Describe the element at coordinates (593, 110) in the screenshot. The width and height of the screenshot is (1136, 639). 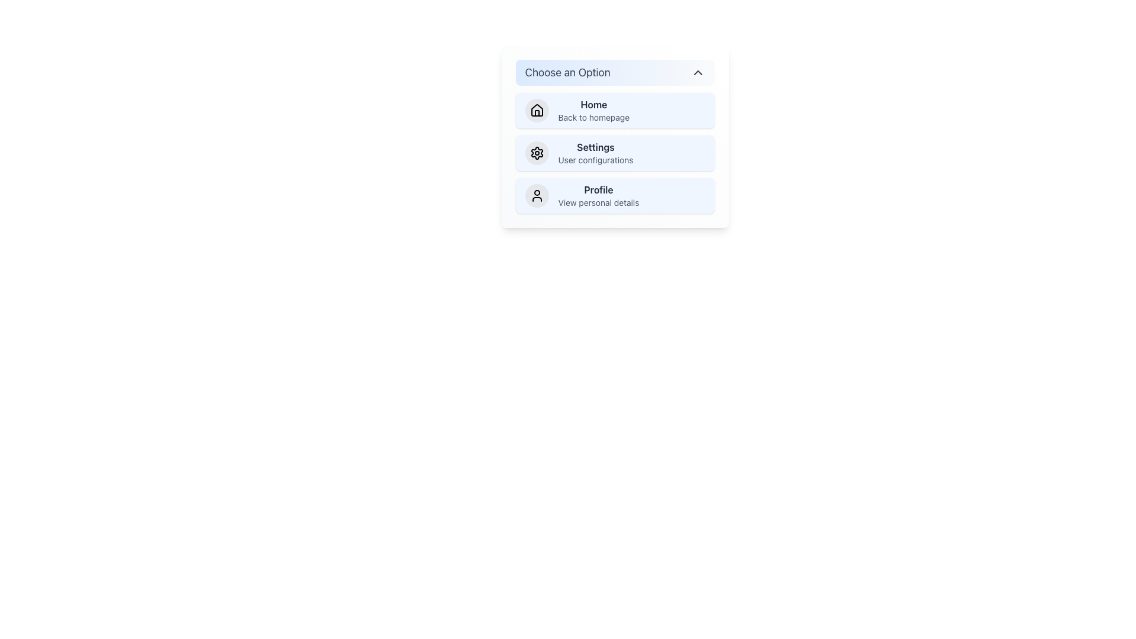
I see `the 'Home' label in the menu, which is the first item in a vertically stacked set of options` at that location.